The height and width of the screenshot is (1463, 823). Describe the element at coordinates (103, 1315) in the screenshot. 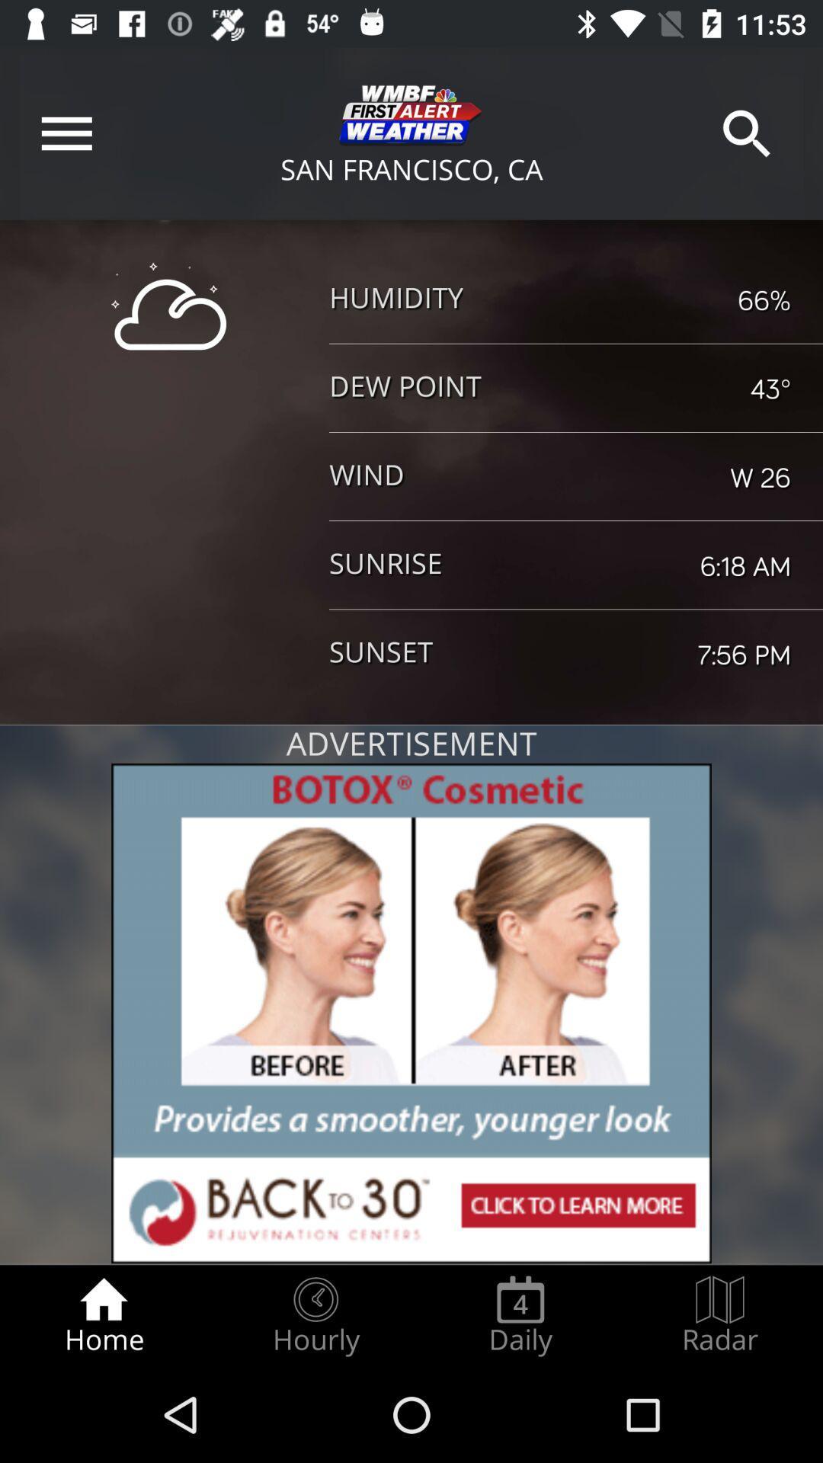

I see `item to the left of the hourly radio button` at that location.